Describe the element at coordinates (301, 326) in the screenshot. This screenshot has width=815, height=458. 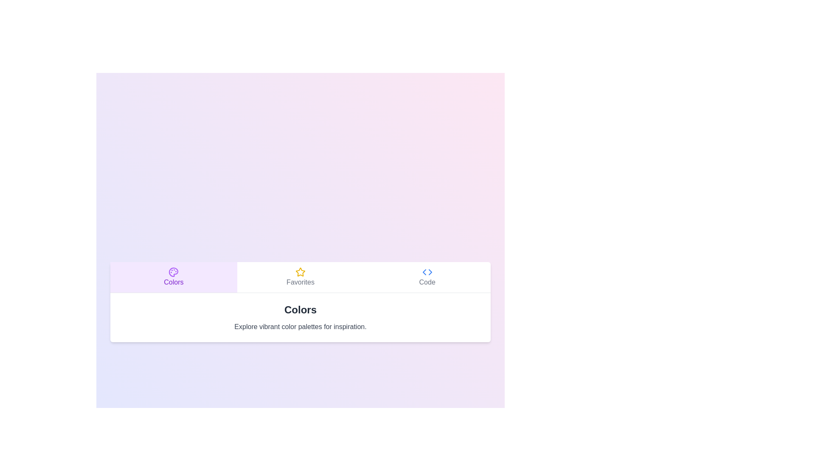
I see `the description text displayed below the active tab` at that location.